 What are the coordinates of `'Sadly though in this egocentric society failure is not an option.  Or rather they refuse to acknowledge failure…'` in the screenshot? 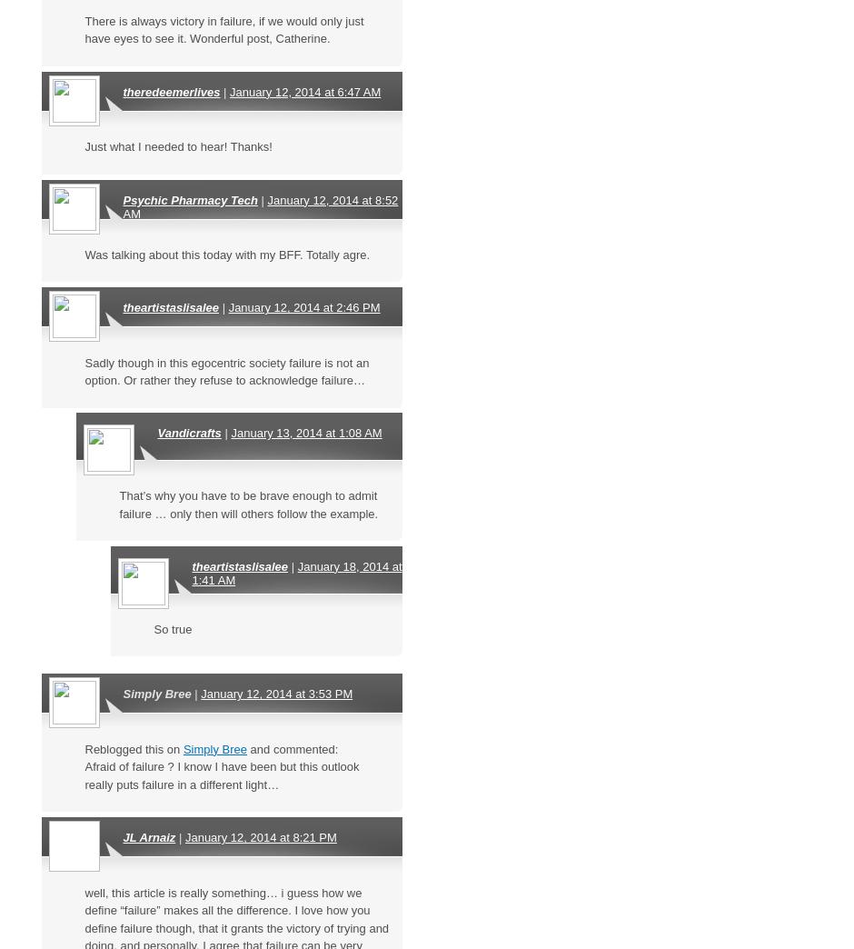 It's located at (226, 370).